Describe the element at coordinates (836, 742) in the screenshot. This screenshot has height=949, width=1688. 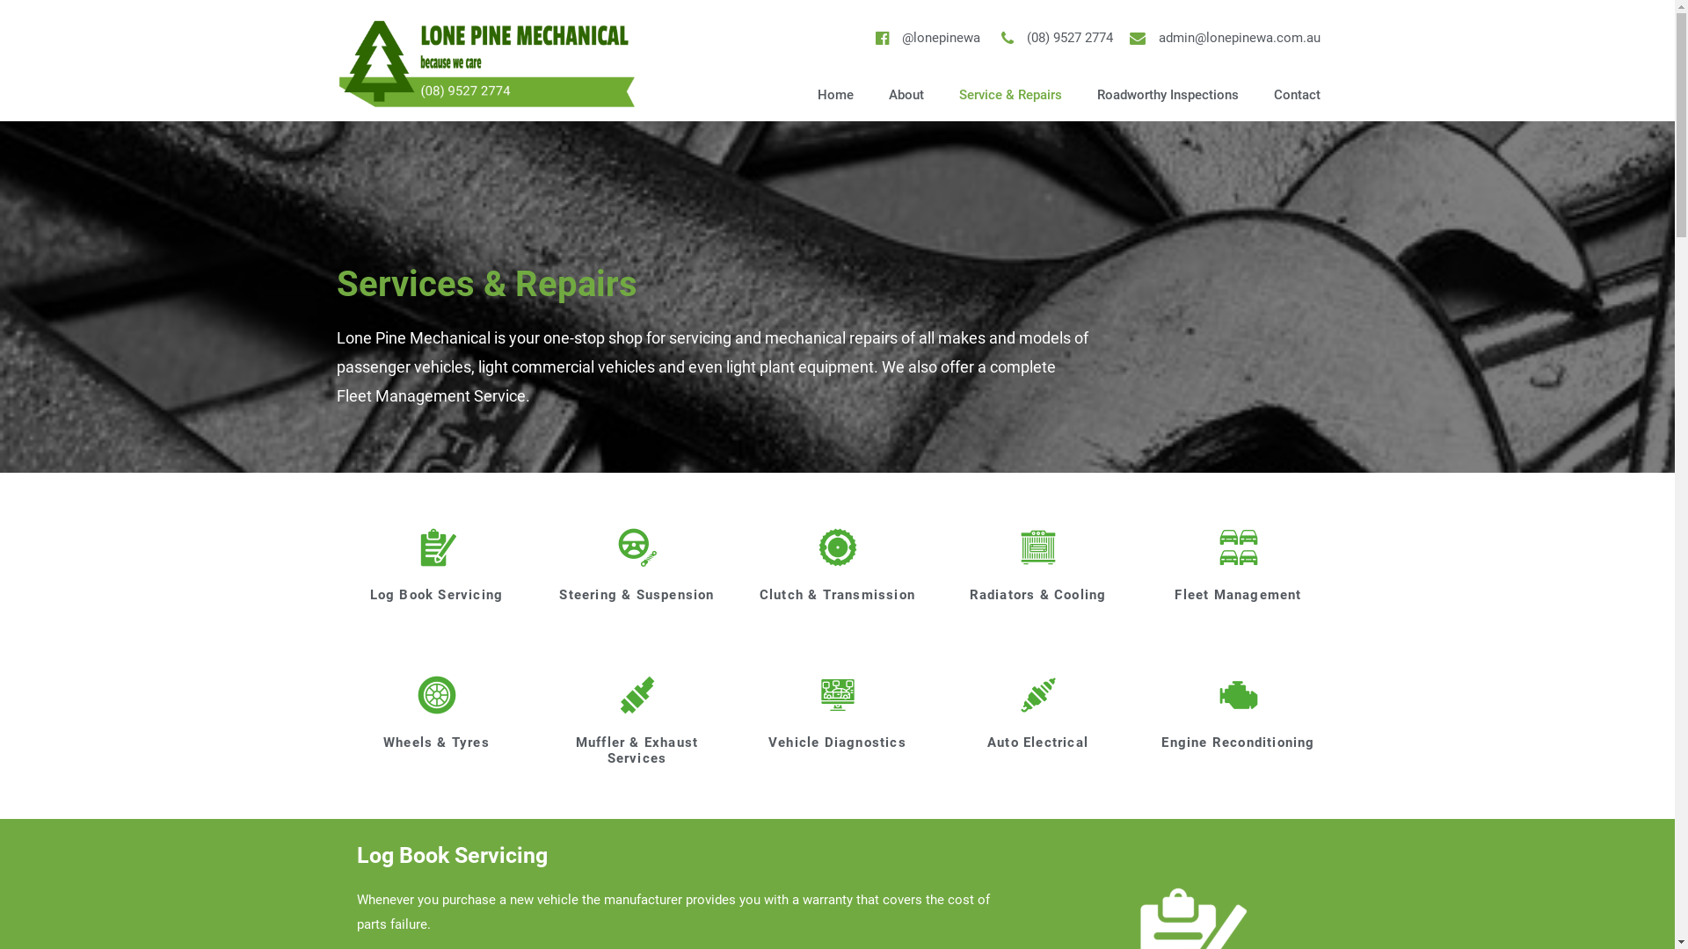
I see `'Vehicle Diagnostics'` at that location.